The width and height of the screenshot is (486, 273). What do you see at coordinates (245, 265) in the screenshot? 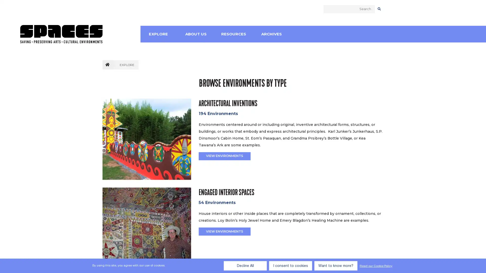
I see `Decline All` at bounding box center [245, 265].